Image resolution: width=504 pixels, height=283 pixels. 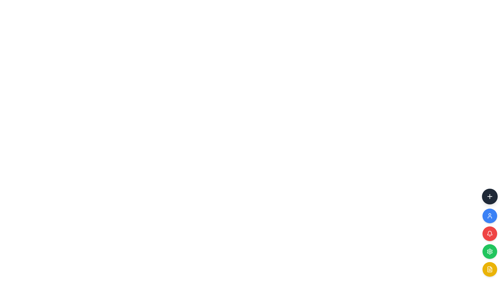 What do you see at coordinates (490, 196) in the screenshot?
I see `the topmost button in the vertical sequence of circular icons on the right side of the interface` at bounding box center [490, 196].